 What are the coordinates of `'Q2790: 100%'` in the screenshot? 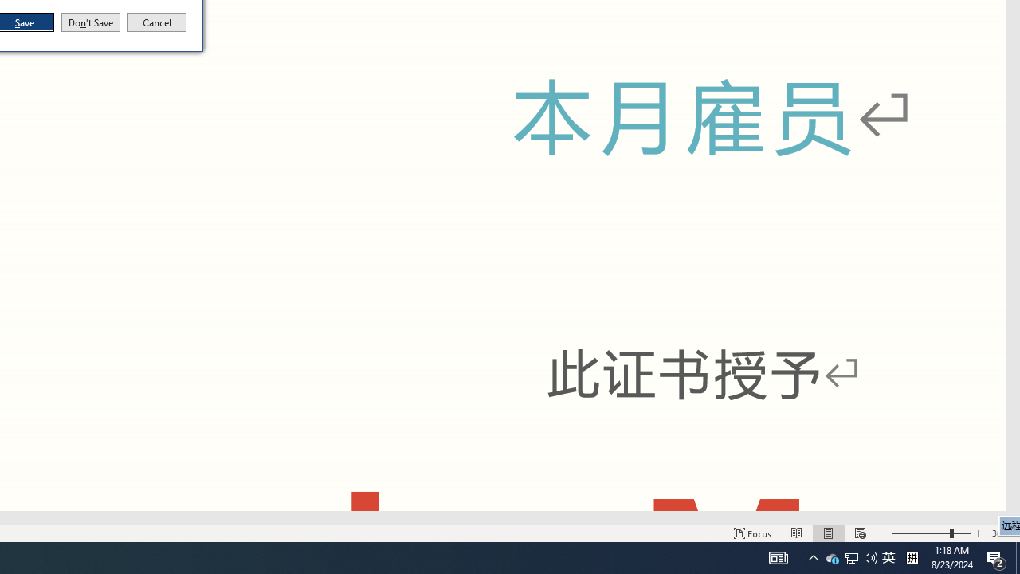 It's located at (870, 556).